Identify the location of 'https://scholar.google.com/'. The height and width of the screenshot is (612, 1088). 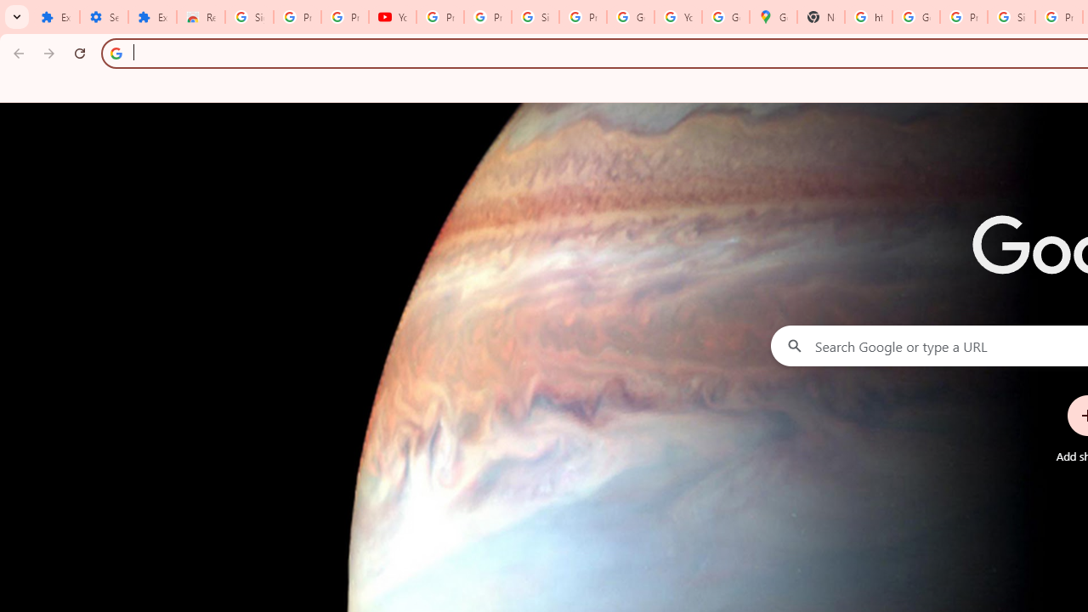
(869, 17).